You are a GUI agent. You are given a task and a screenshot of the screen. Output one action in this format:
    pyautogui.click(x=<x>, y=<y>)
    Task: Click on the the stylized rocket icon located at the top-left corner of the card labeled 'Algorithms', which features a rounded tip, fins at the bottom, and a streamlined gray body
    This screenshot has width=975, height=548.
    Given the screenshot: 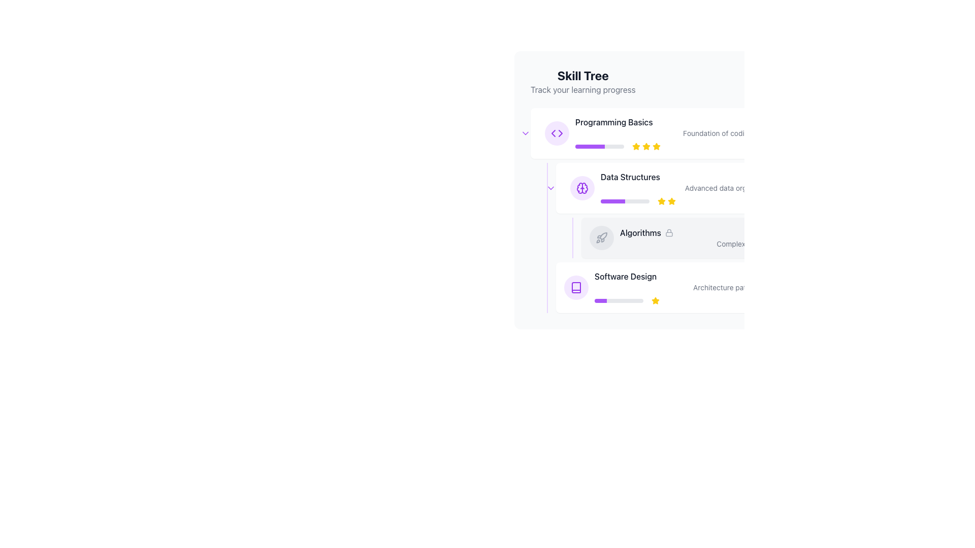 What is the action you would take?
    pyautogui.click(x=602, y=238)
    